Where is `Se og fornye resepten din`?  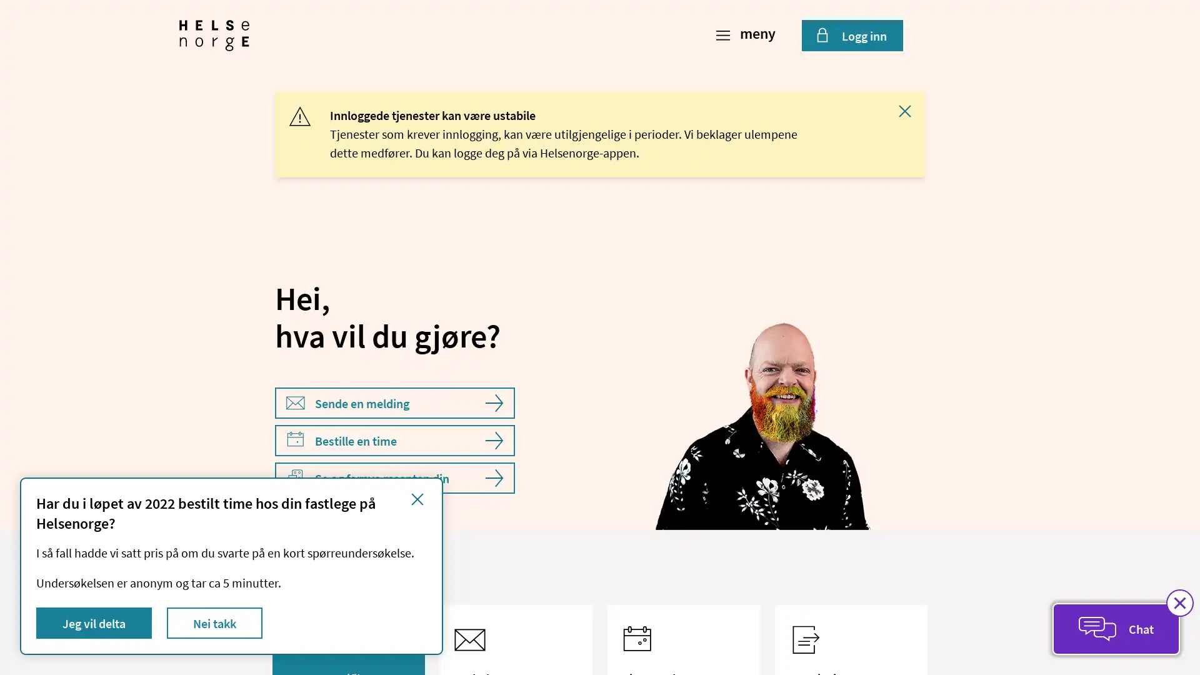 Se og fornye resepten din is located at coordinates (394, 477).